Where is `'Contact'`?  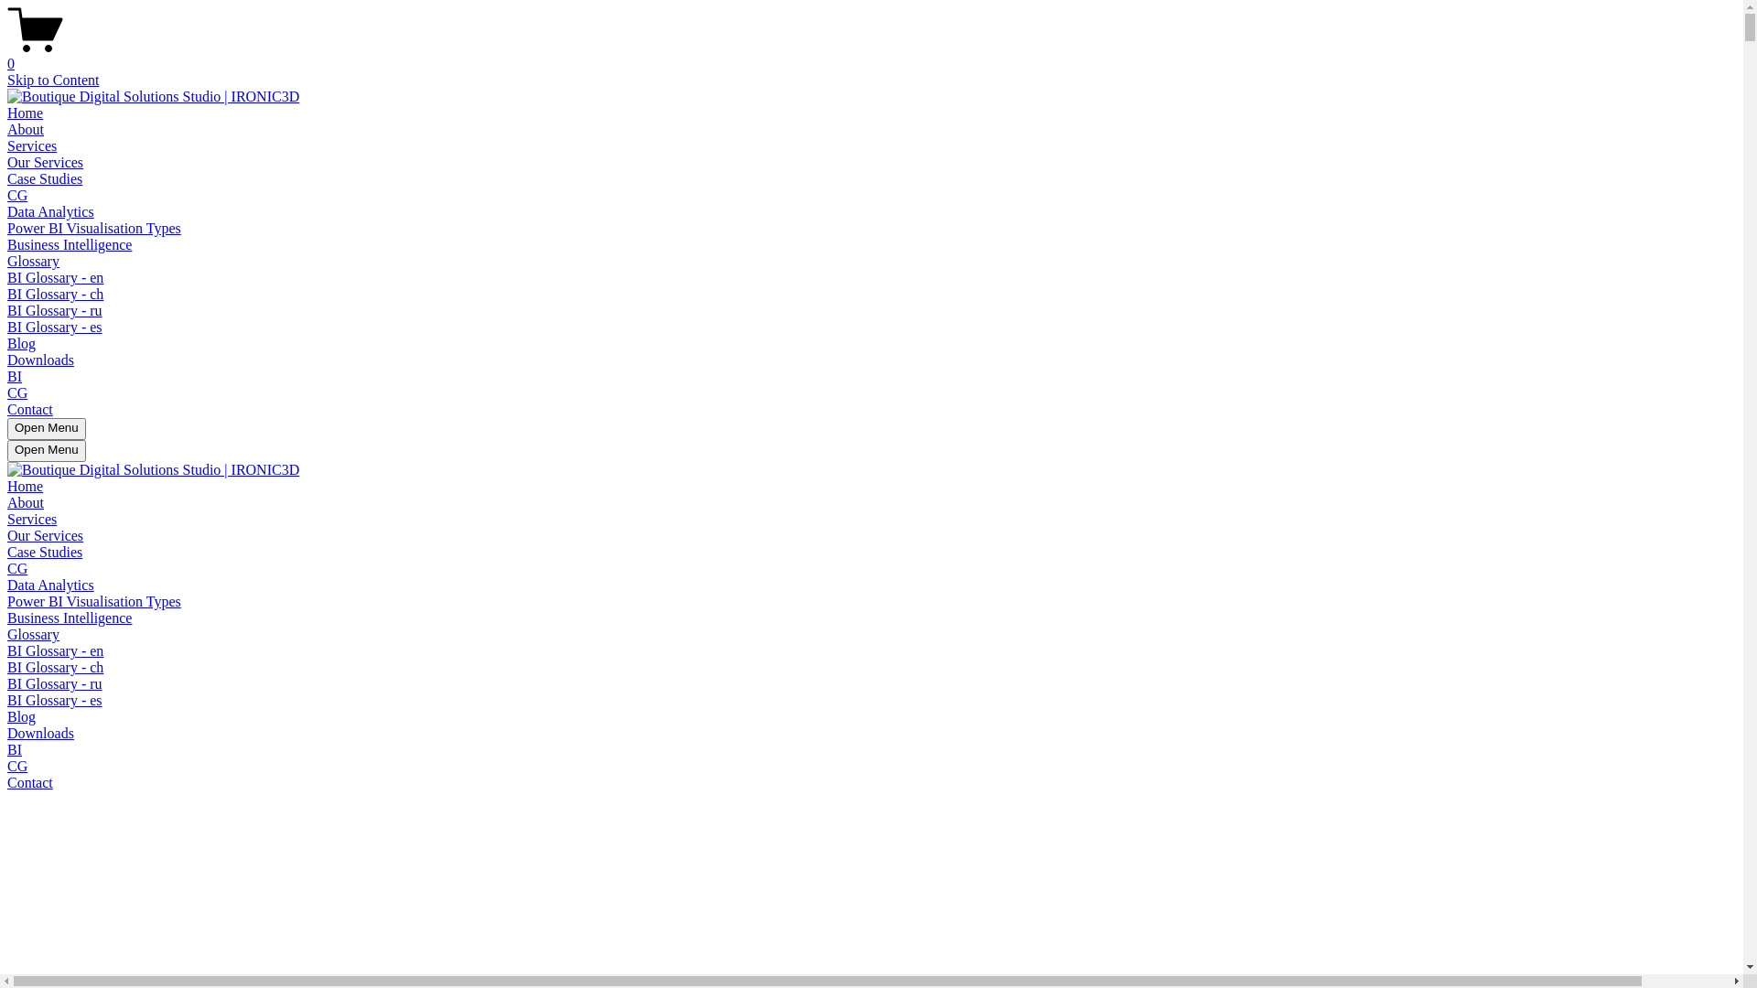 'Contact' is located at coordinates (30, 782).